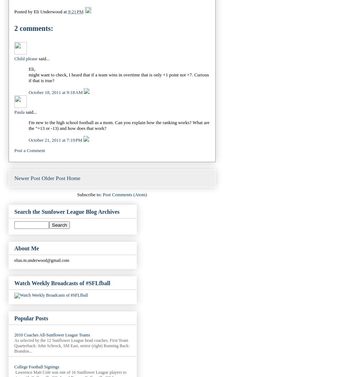  Describe the element at coordinates (75, 11) in the screenshot. I see `'9:21 PM'` at that location.